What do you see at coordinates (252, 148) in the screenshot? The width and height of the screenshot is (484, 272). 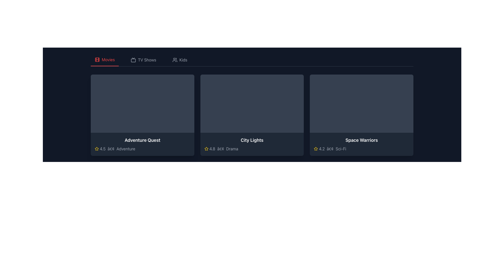 I see `the rating and genre information displayed in the Informational display row of the 'City Lights' card, which shows a rating of '4.8' and the genre 'Drama'` at bounding box center [252, 148].